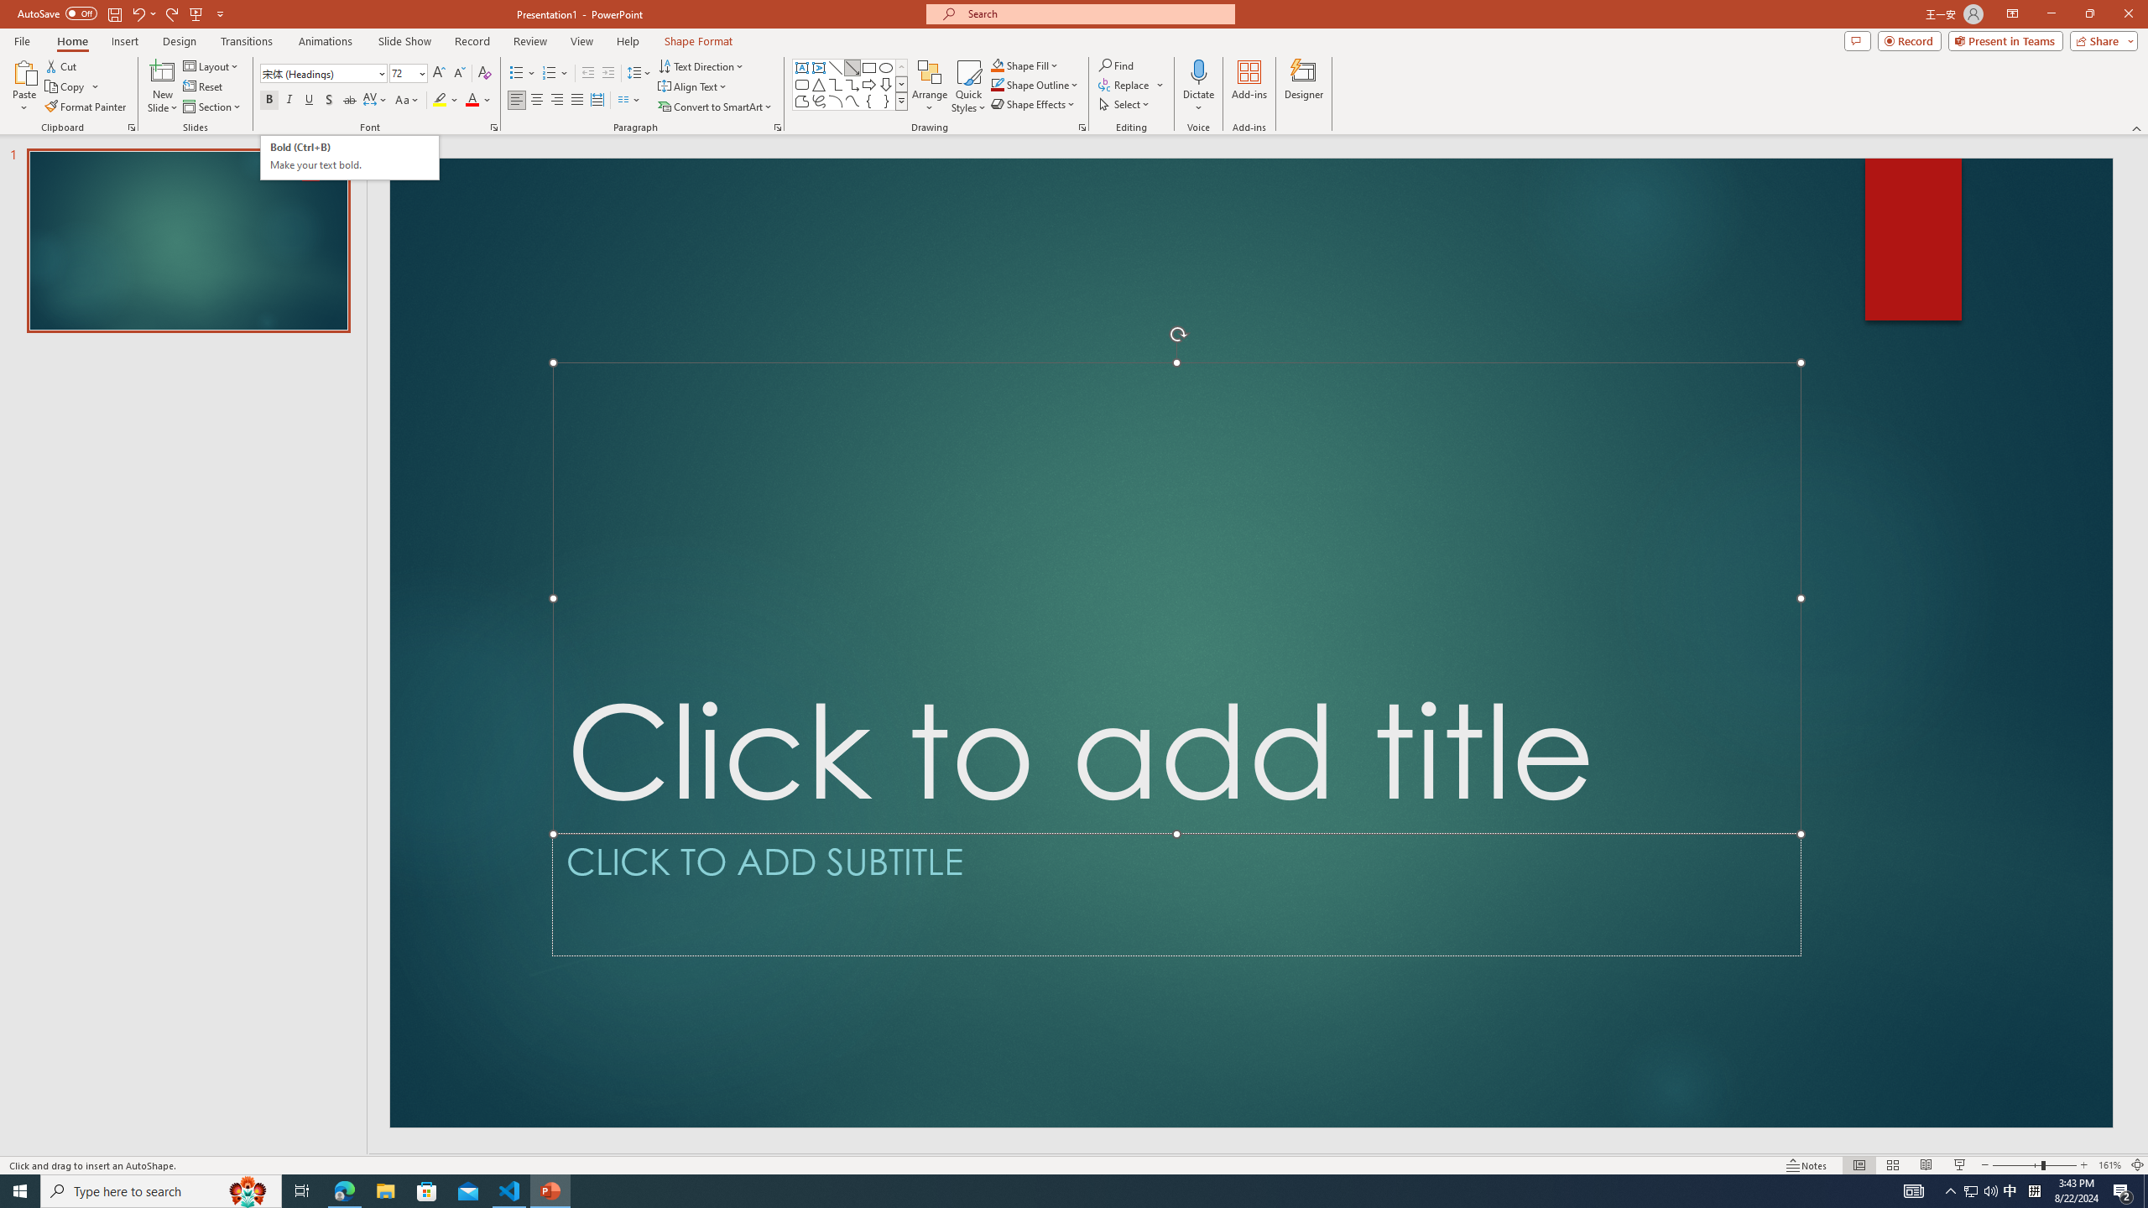  What do you see at coordinates (438, 73) in the screenshot?
I see `'Increase Font Size'` at bounding box center [438, 73].